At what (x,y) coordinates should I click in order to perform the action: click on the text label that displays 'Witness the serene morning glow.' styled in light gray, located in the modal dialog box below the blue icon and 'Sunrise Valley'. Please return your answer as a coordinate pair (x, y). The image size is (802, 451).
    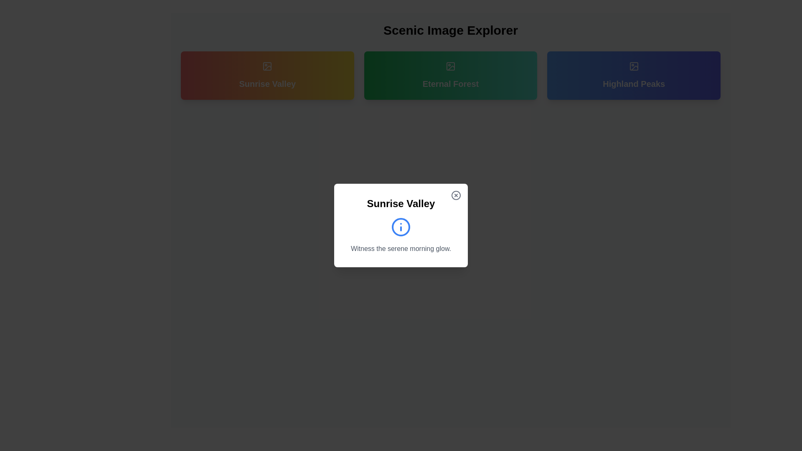
    Looking at the image, I should click on (401, 248).